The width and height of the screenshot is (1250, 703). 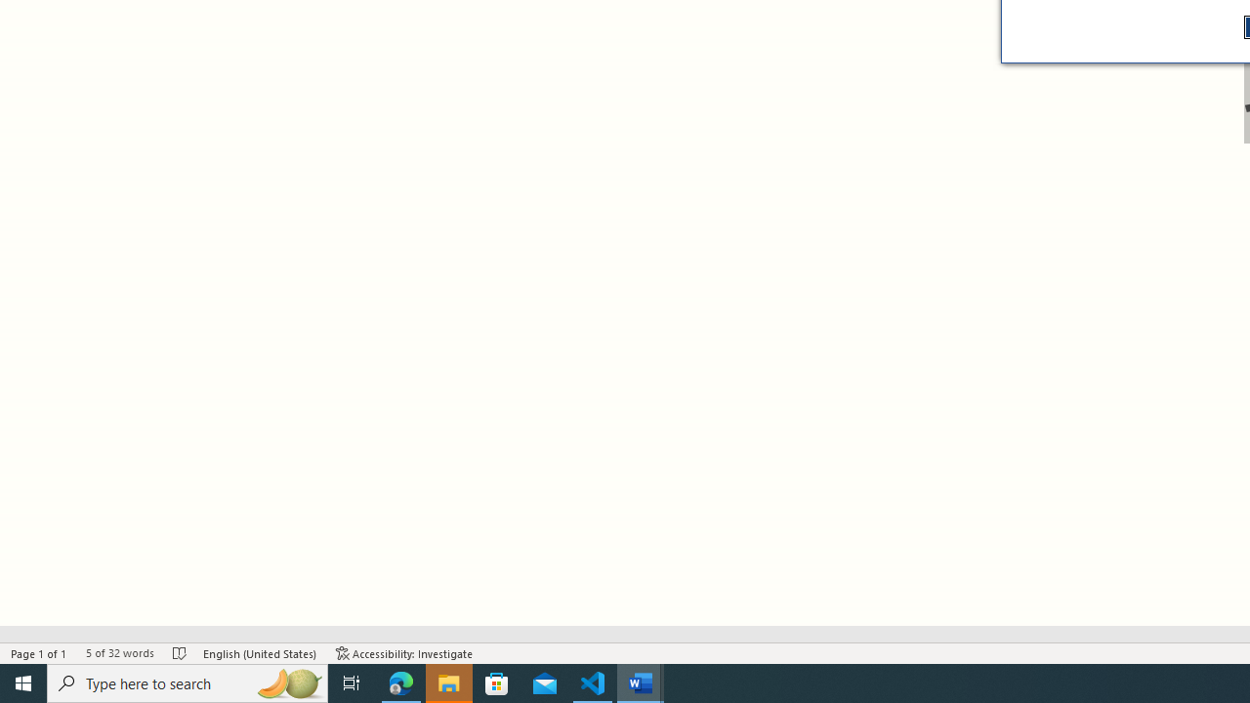 What do you see at coordinates (39, 653) in the screenshot?
I see `'Page Number Page 1 of 1'` at bounding box center [39, 653].